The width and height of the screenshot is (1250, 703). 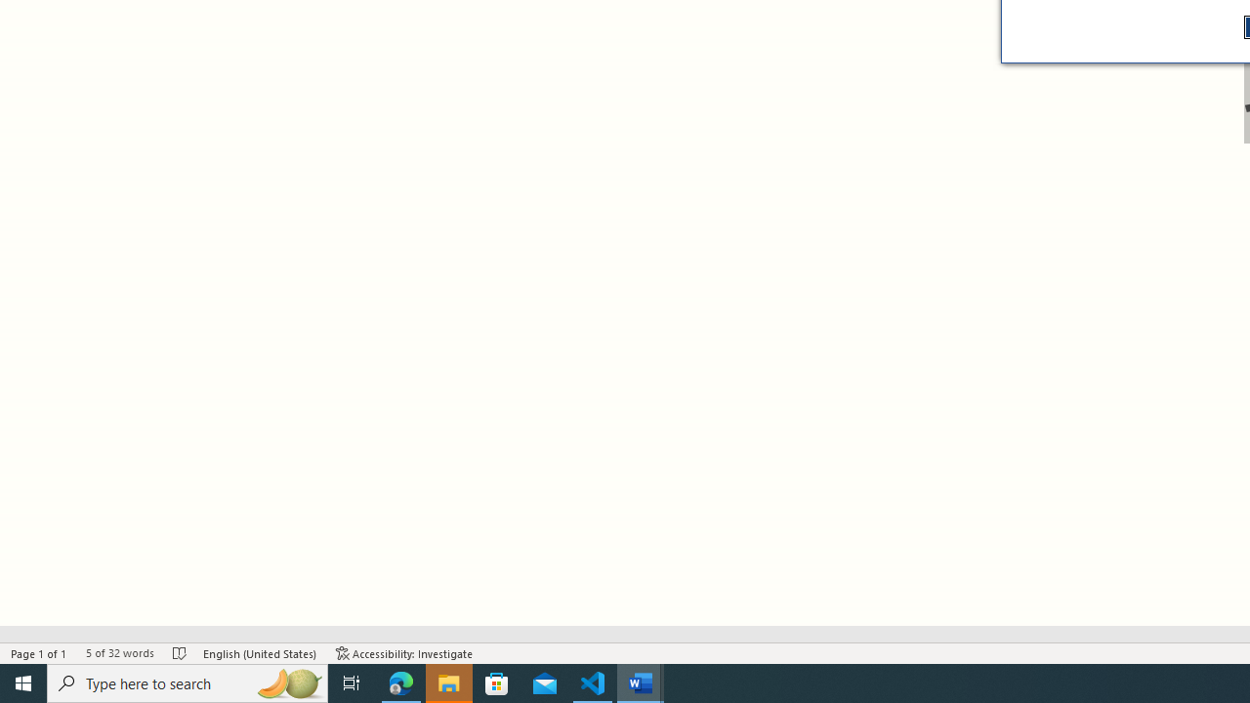 What do you see at coordinates (39, 653) in the screenshot?
I see `'Page Number Page 1 of 1'` at bounding box center [39, 653].